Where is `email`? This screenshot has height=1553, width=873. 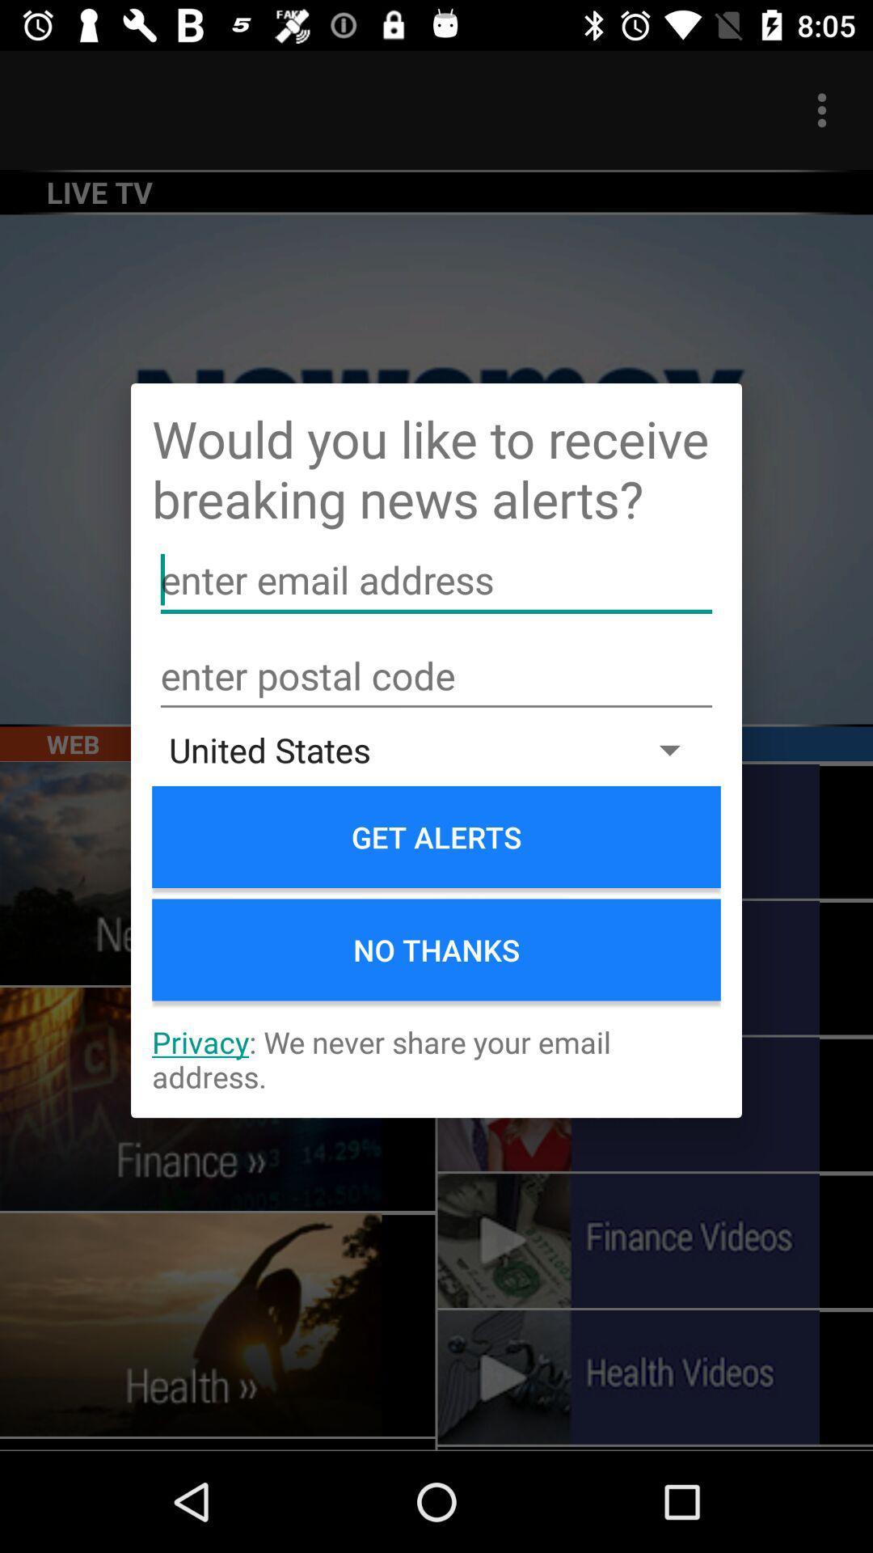
email is located at coordinates (436, 580).